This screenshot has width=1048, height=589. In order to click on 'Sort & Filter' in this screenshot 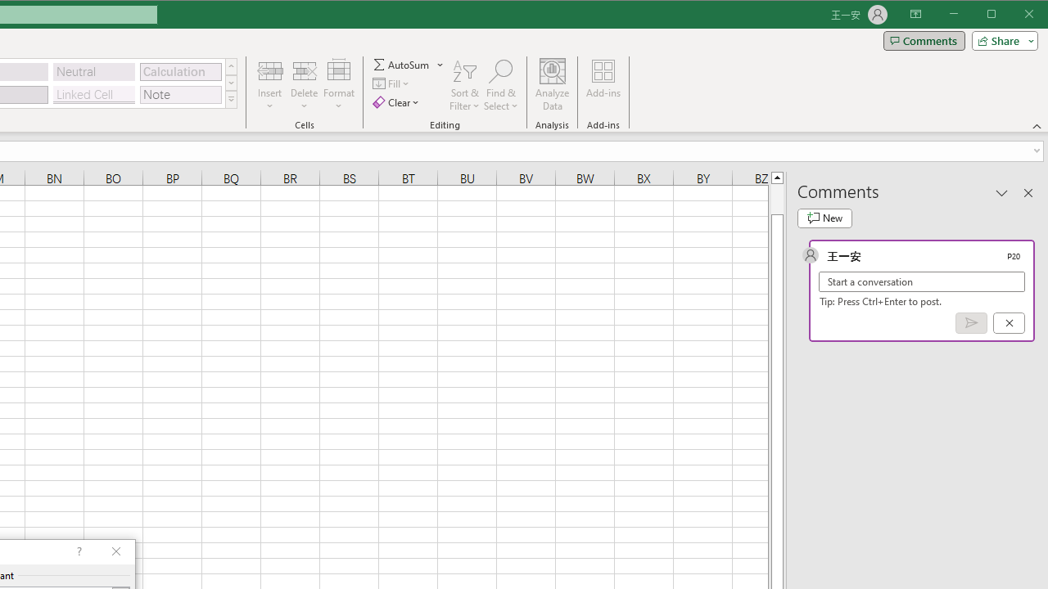, I will do `click(463, 85)`.